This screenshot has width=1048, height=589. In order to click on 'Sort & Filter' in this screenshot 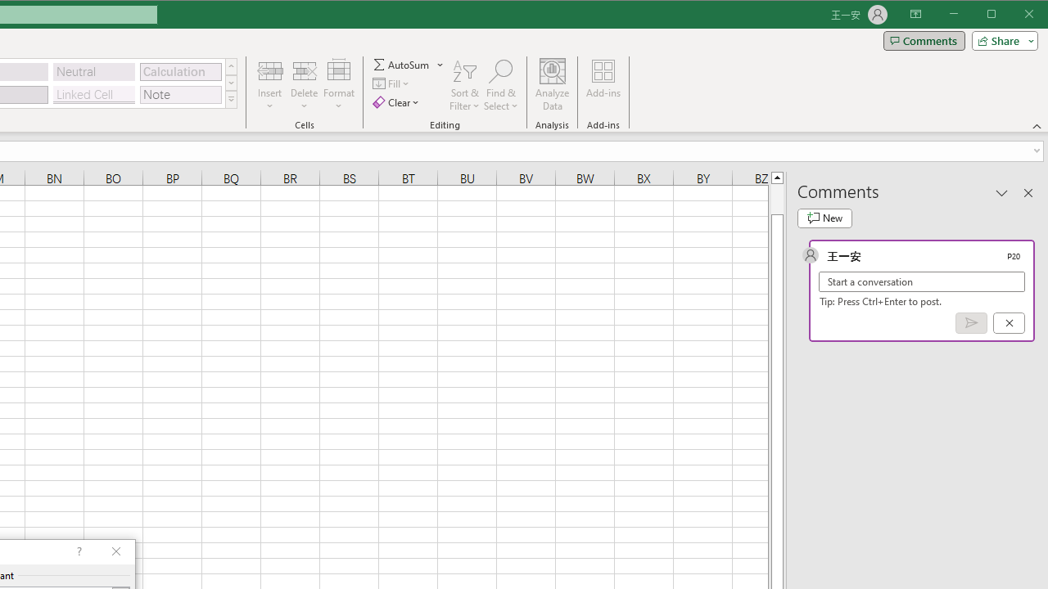, I will do `click(463, 85)`.